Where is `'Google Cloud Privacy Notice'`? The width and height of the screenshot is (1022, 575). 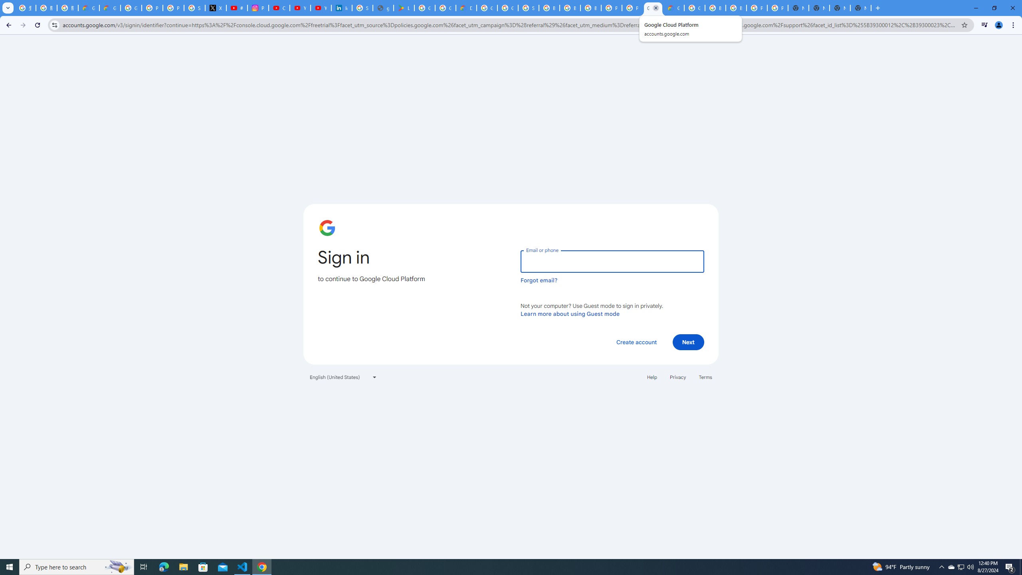
'Google Cloud Privacy Notice' is located at coordinates (109, 8).